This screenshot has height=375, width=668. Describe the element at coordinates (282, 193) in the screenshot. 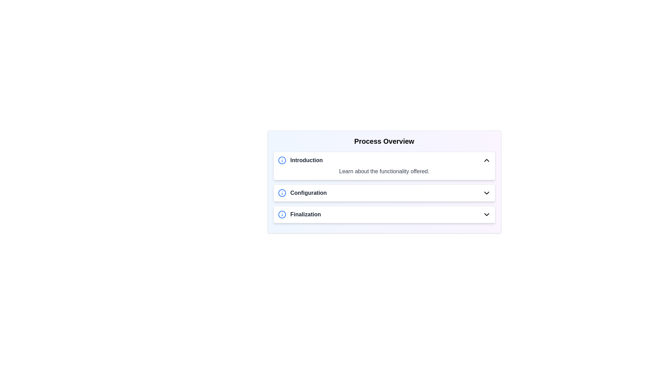

I see `the 'Configuration' icon located` at that location.